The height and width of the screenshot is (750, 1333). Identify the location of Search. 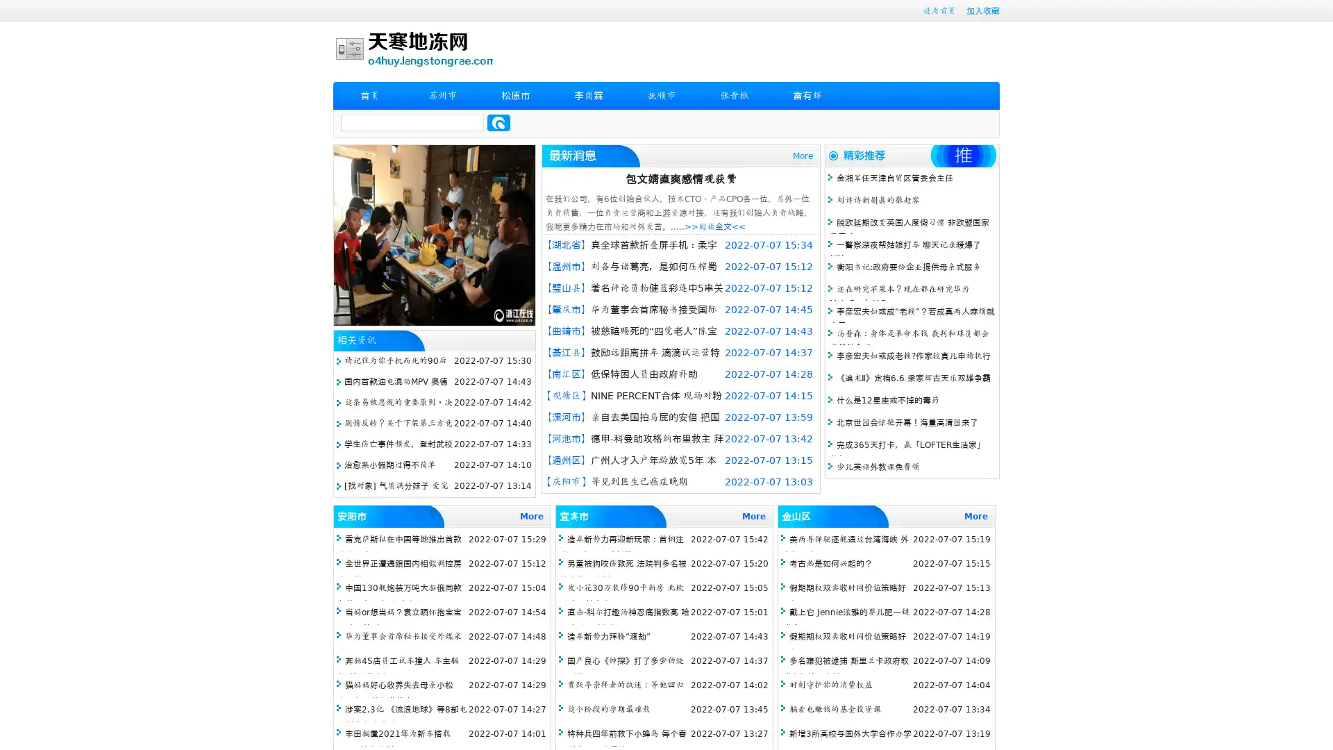
(498, 122).